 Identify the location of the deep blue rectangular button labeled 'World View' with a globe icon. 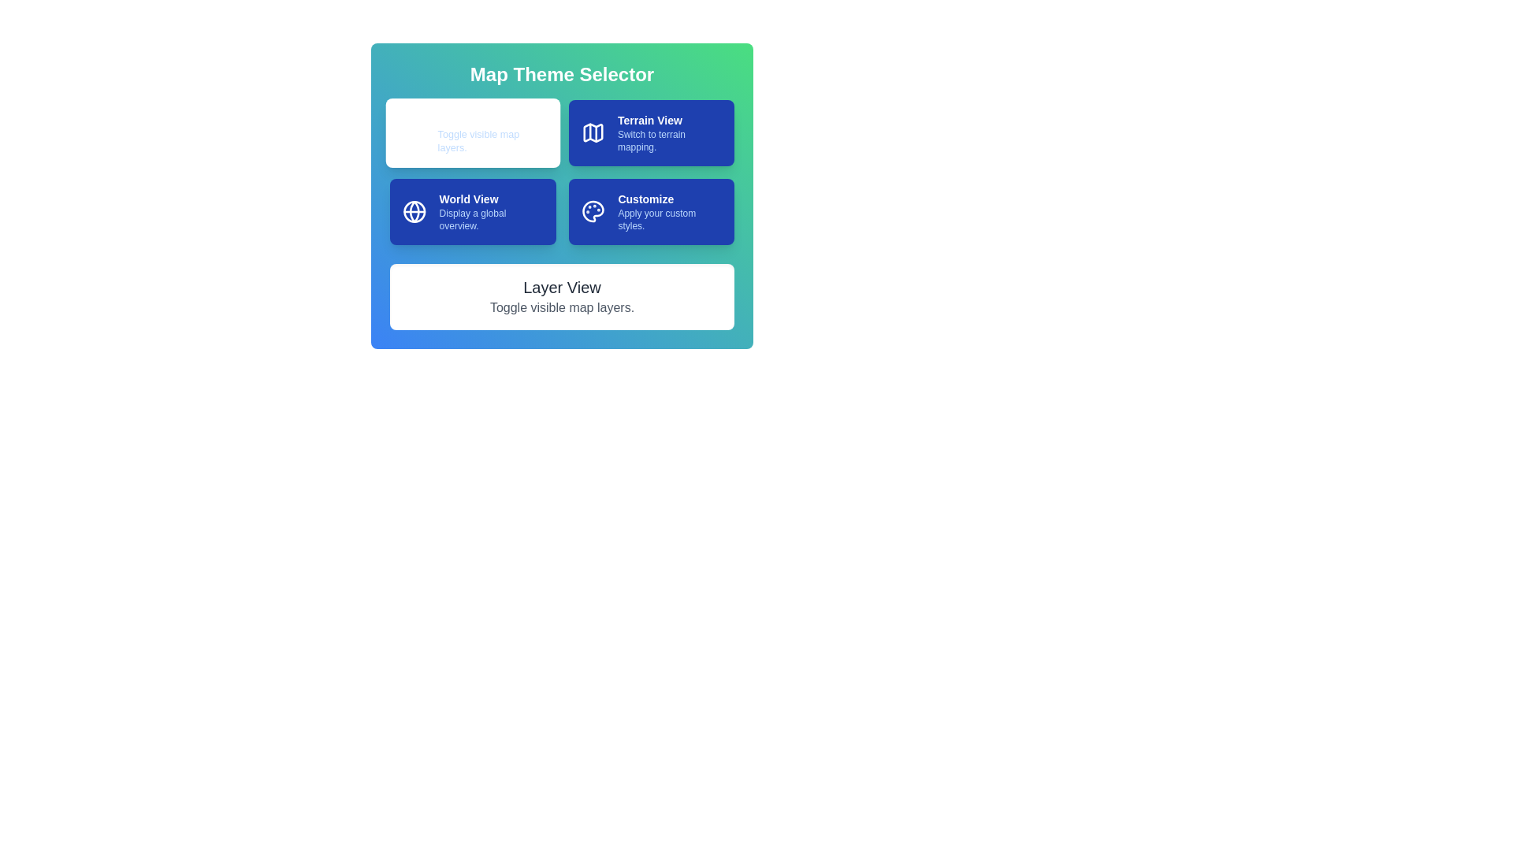
(472, 211).